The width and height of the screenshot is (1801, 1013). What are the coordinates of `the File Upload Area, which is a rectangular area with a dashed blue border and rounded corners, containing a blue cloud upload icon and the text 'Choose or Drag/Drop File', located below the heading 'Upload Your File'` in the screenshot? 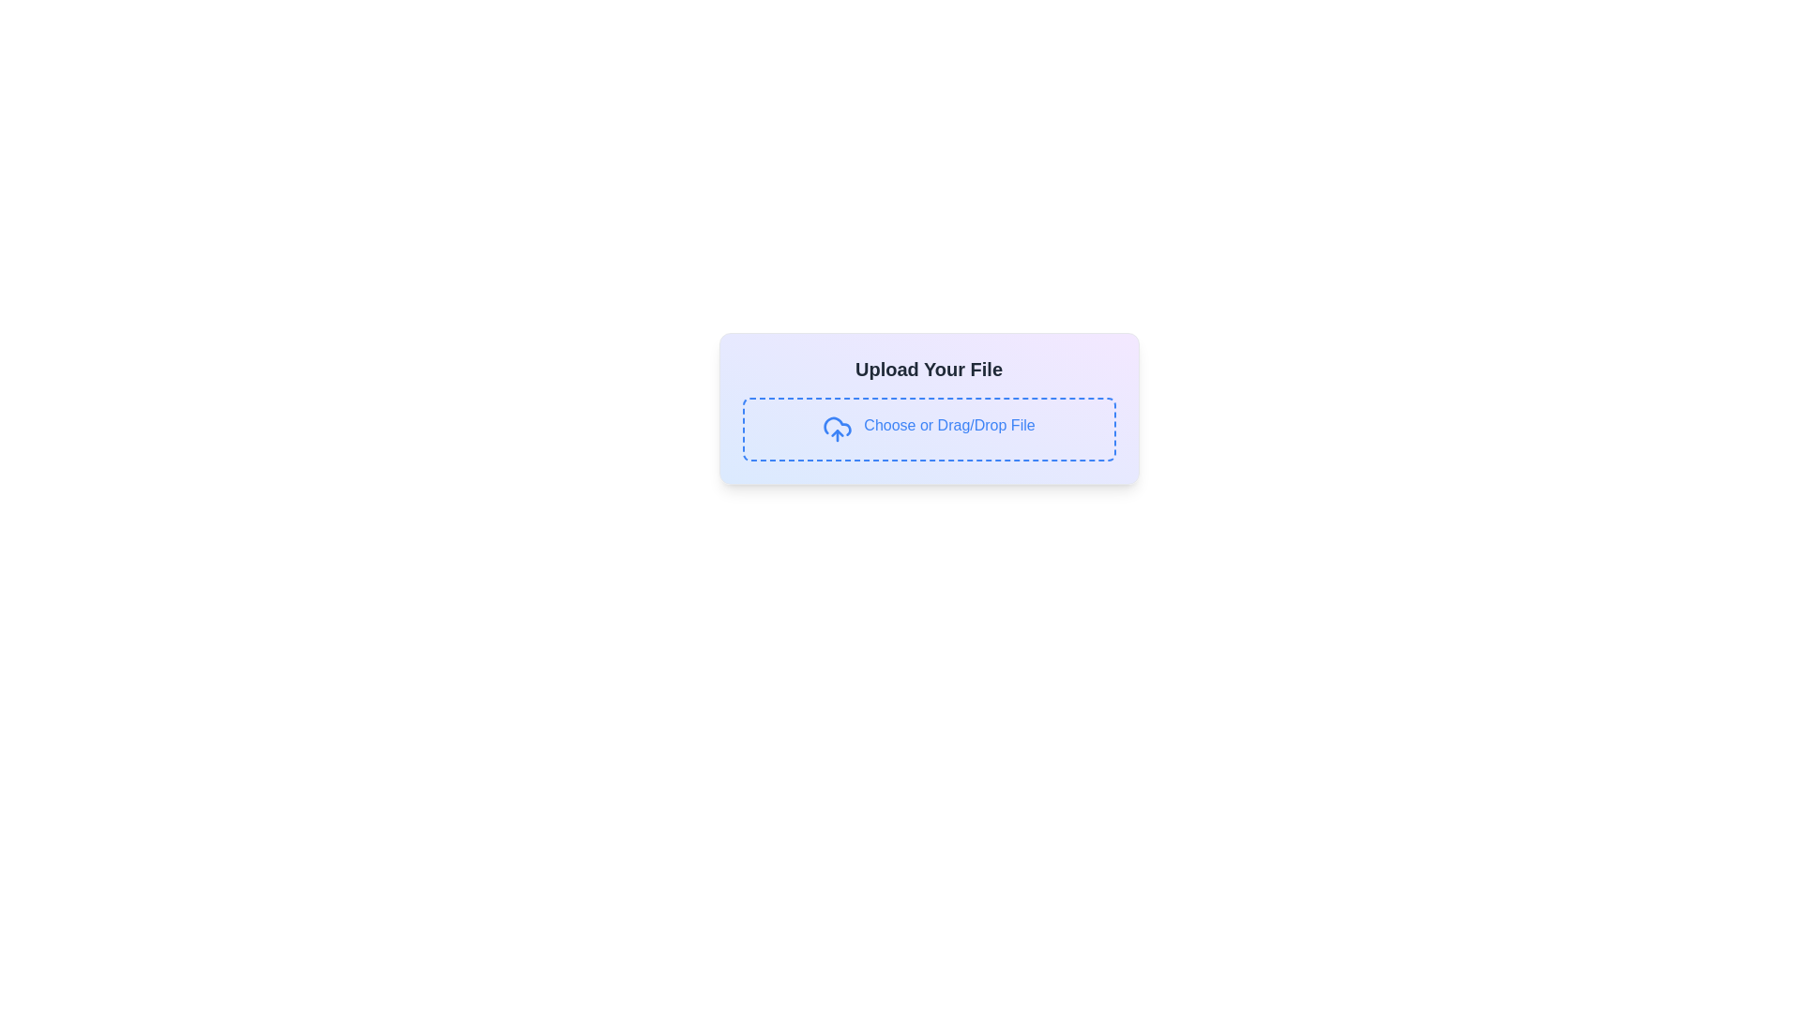 It's located at (929, 430).